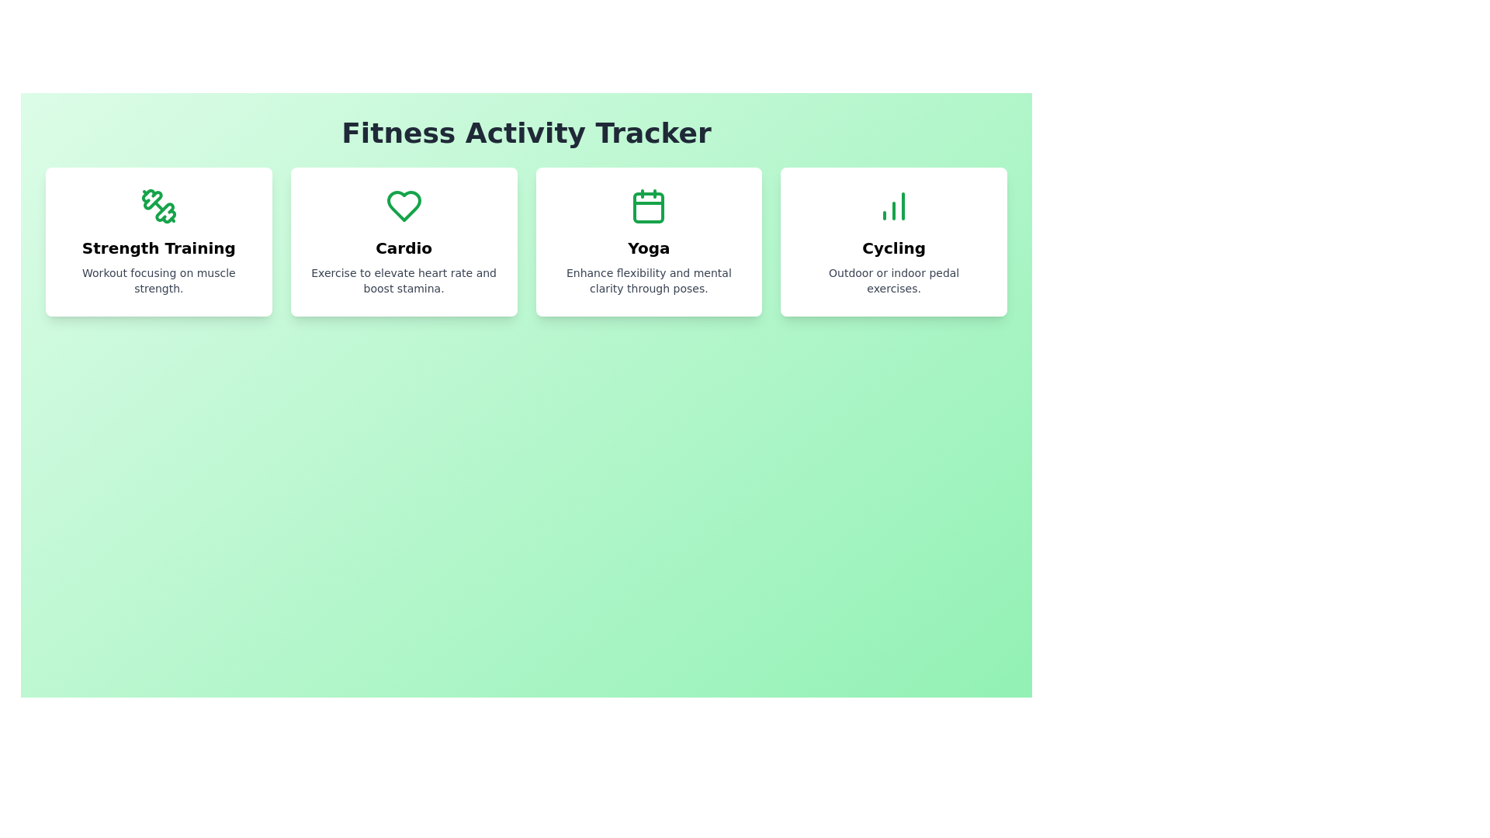 Image resolution: width=1490 pixels, height=838 pixels. I want to click on the clickable card featuring a green dumbbell icon and the text 'Strength Training' located at the top-left corner of the grid layout, so click(158, 242).